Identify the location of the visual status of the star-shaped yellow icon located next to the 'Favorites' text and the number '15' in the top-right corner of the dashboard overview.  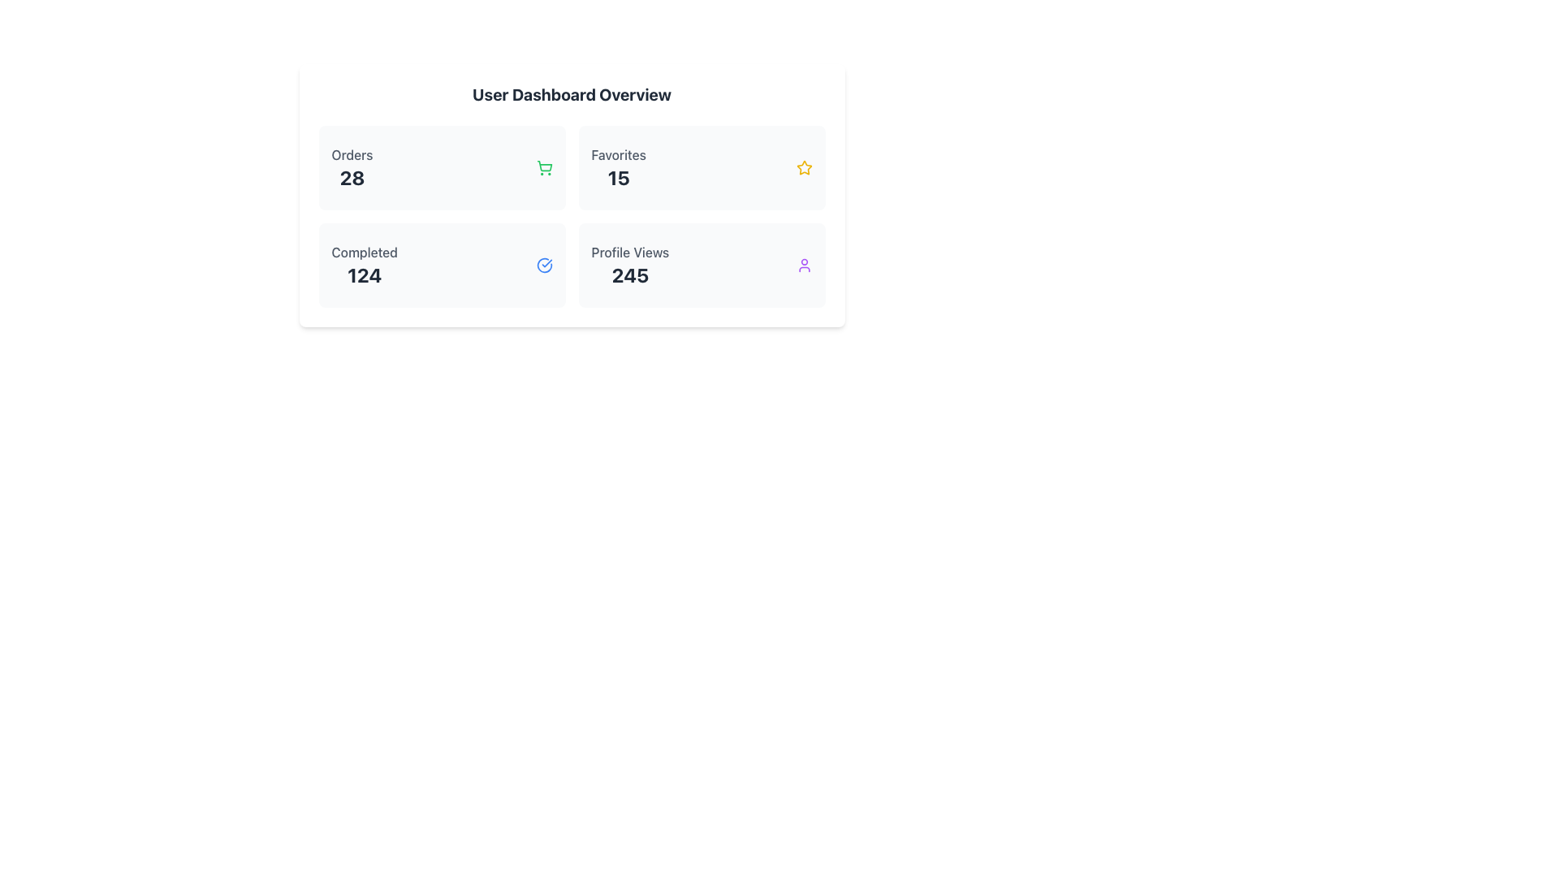
(804, 168).